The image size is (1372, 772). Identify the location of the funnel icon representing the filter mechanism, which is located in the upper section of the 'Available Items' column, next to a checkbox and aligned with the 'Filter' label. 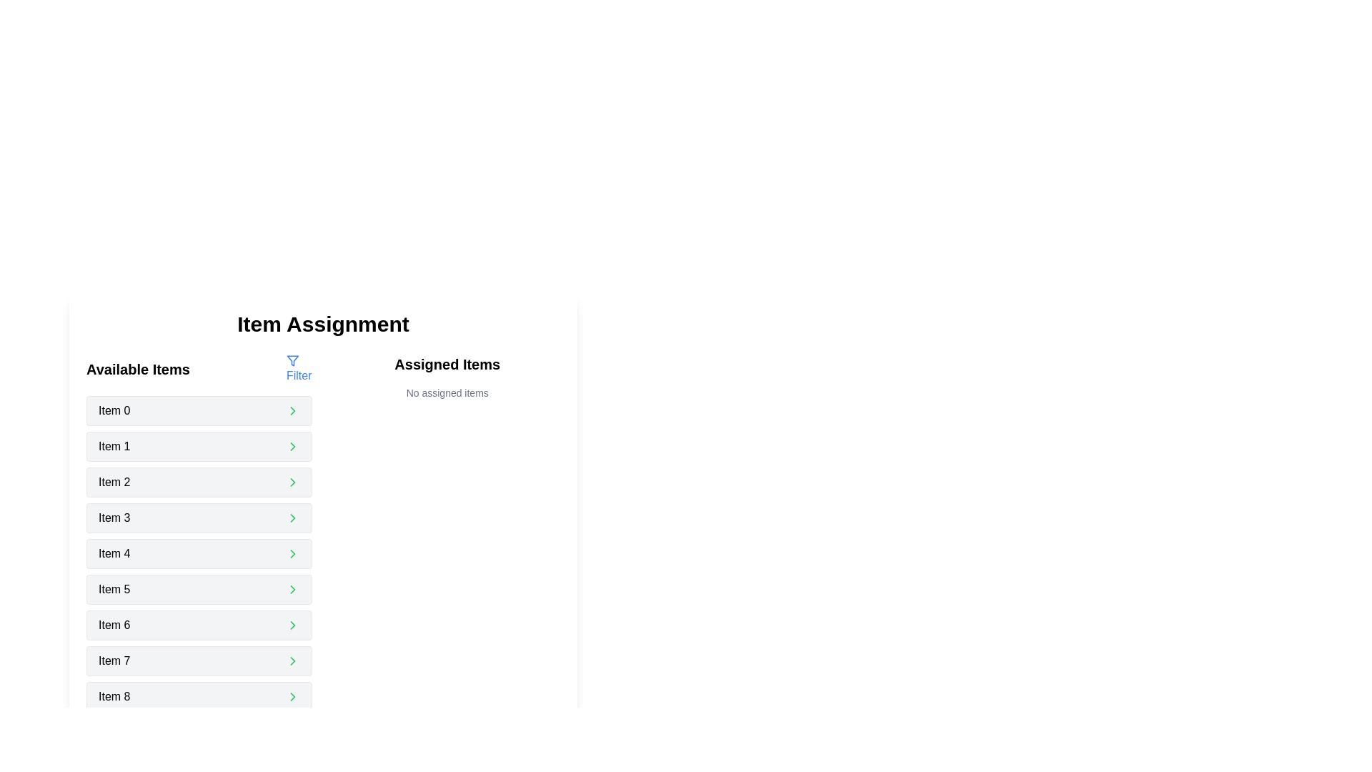
(292, 360).